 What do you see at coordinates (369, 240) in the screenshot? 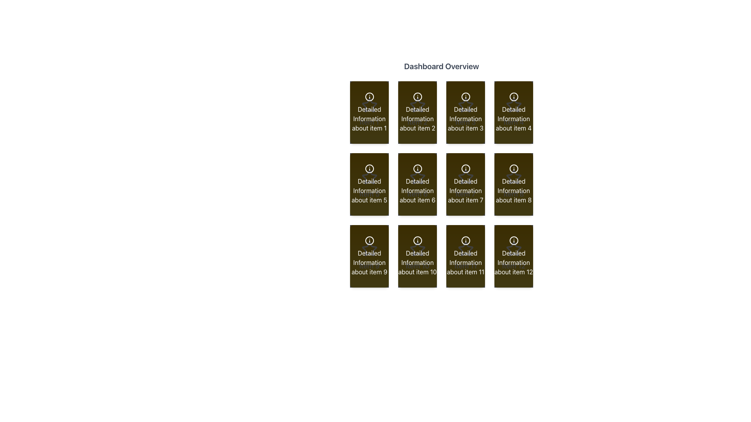
I see `styling of the informational icon located at the top-center of the ninth card in a 4x3 grid layout, which is positioned directly above the card text` at bounding box center [369, 240].